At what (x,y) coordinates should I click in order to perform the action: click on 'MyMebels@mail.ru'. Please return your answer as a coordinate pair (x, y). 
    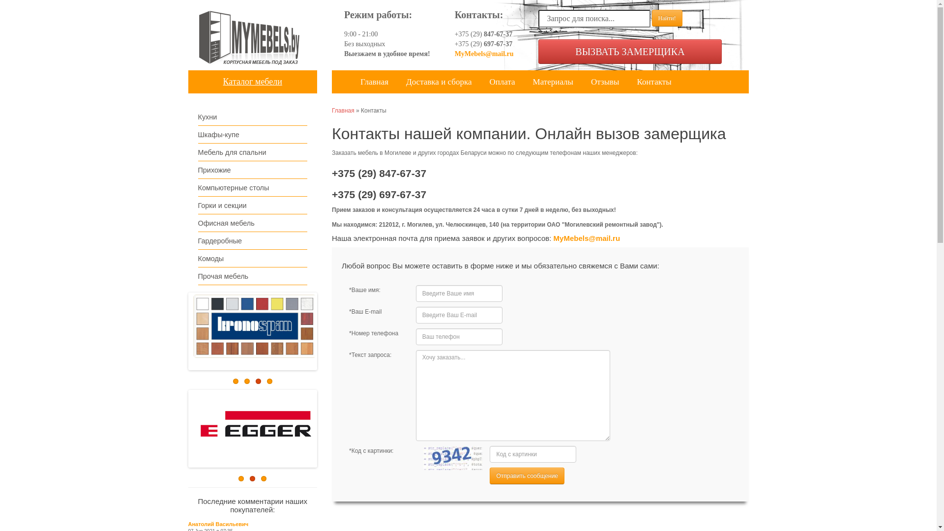
    Looking at the image, I should click on (484, 54).